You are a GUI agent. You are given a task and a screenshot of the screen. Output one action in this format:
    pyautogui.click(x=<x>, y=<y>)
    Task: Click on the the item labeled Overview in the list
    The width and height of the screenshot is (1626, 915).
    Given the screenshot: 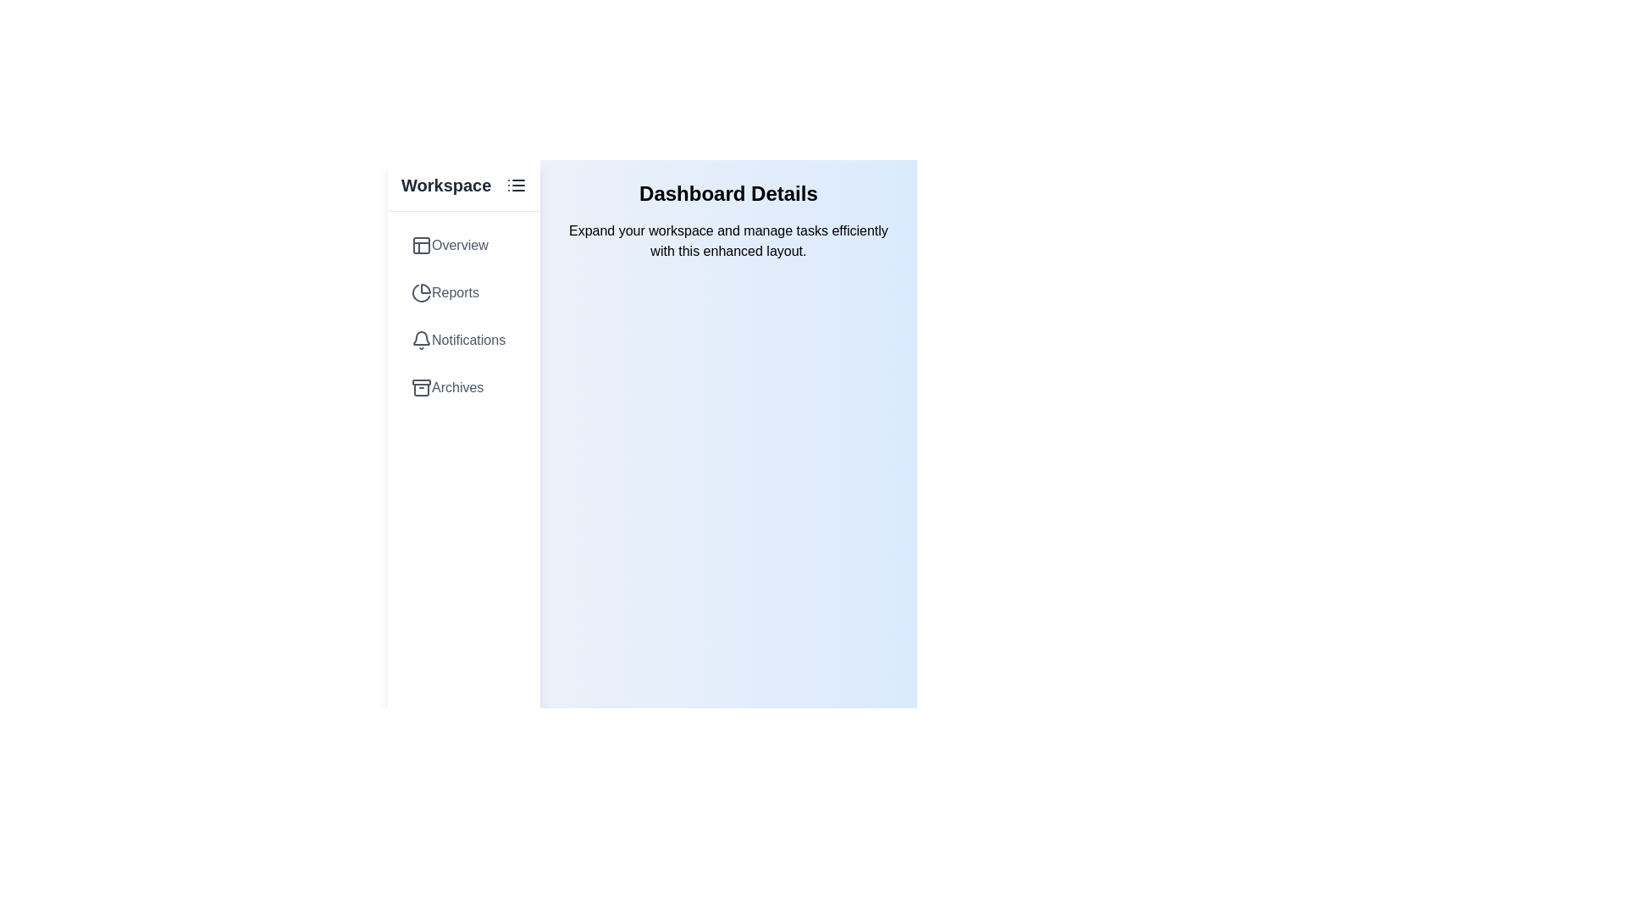 What is the action you would take?
    pyautogui.click(x=463, y=245)
    